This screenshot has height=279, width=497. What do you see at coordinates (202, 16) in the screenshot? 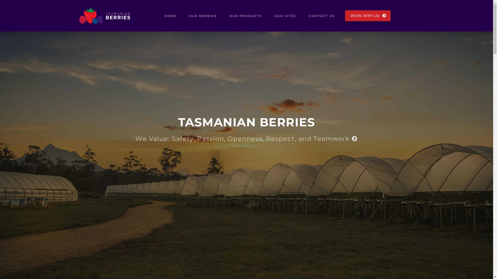
I see `'OUR BERRIES'` at bounding box center [202, 16].